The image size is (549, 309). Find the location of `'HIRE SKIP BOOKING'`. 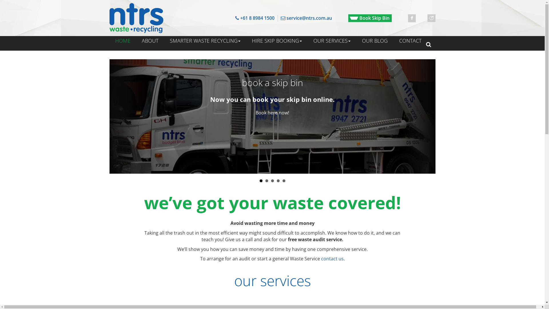

'HIRE SKIP BOOKING' is located at coordinates (277, 40).